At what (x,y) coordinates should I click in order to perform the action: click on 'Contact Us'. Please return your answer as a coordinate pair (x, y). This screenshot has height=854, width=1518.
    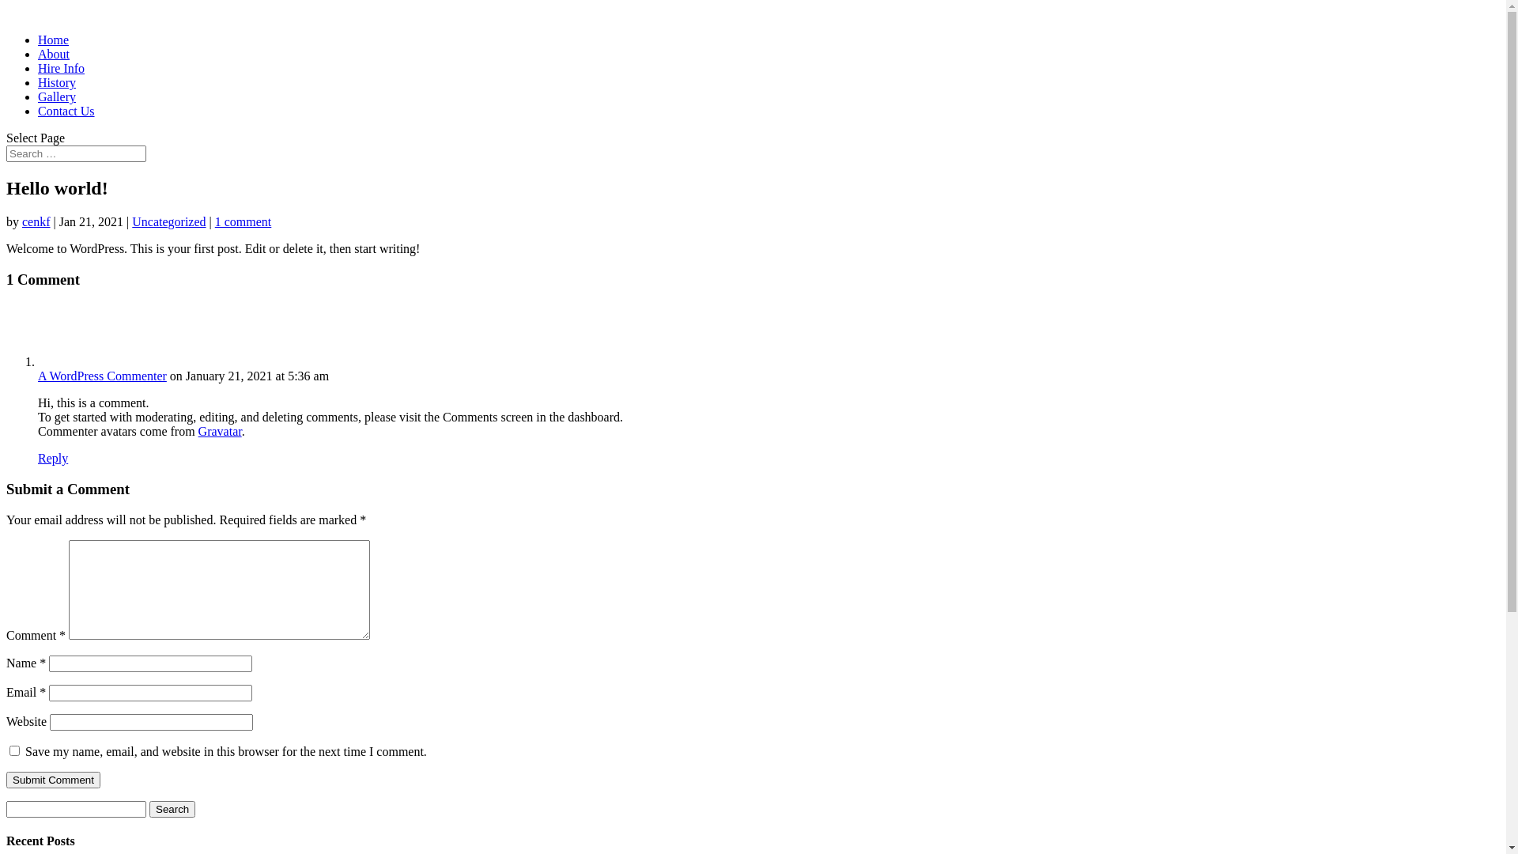
    Looking at the image, I should click on (65, 110).